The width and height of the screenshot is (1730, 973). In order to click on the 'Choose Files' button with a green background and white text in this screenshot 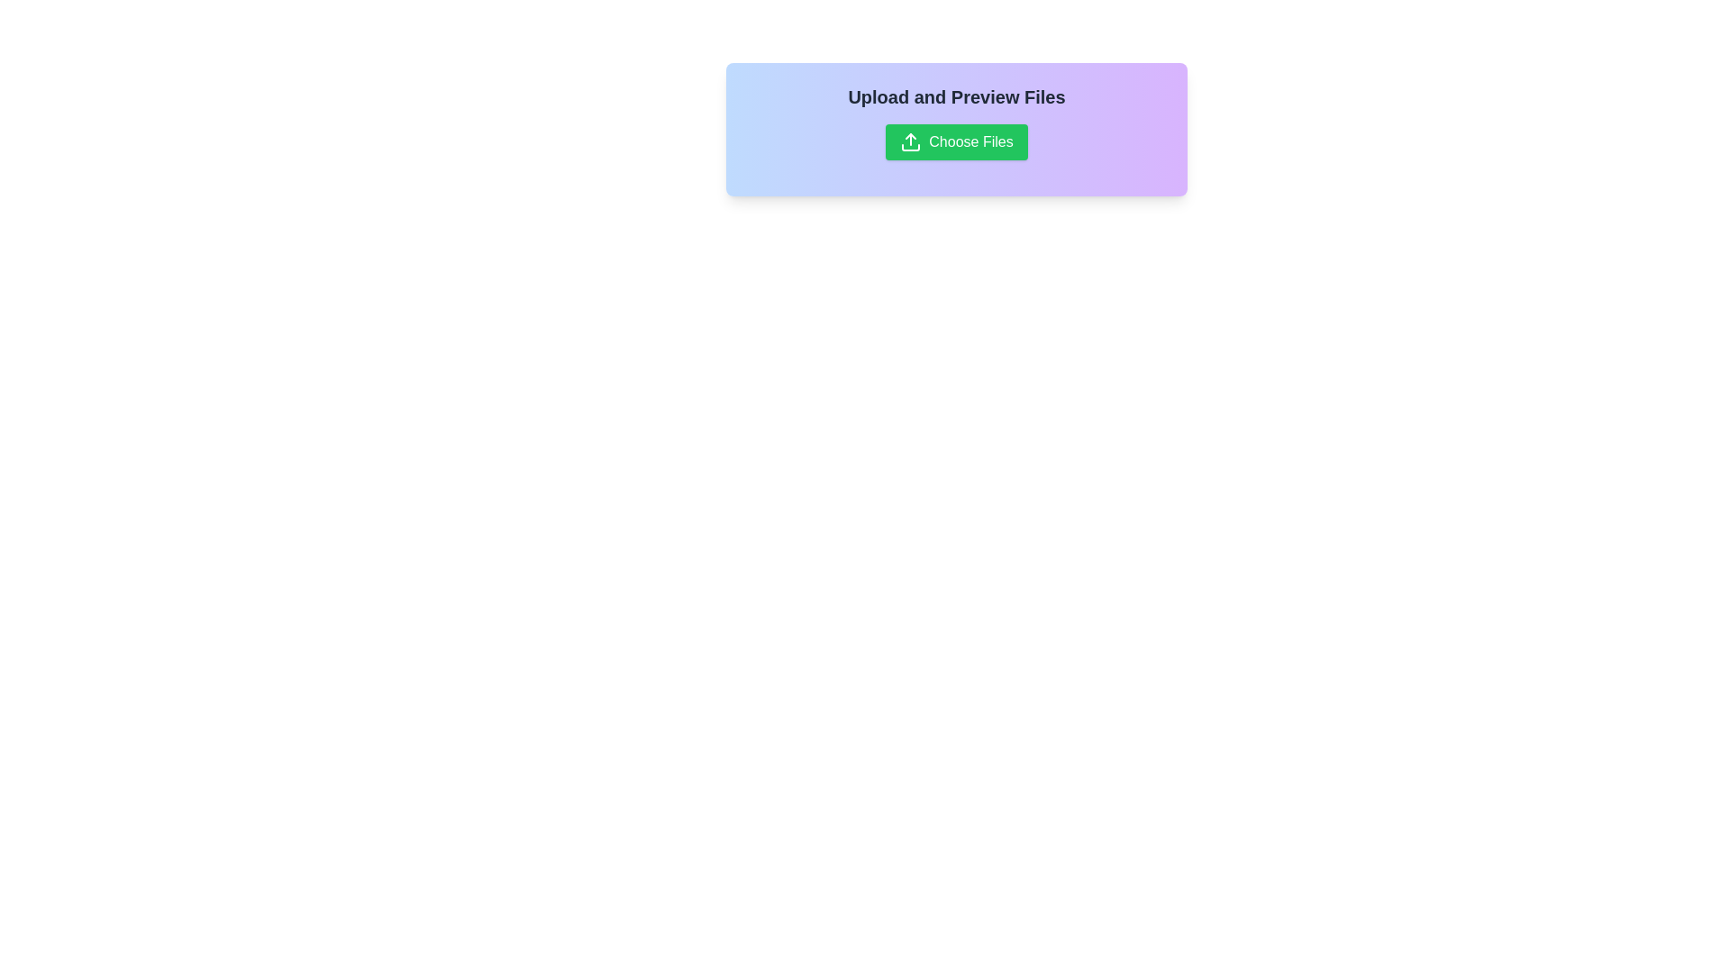, I will do `click(955, 141)`.